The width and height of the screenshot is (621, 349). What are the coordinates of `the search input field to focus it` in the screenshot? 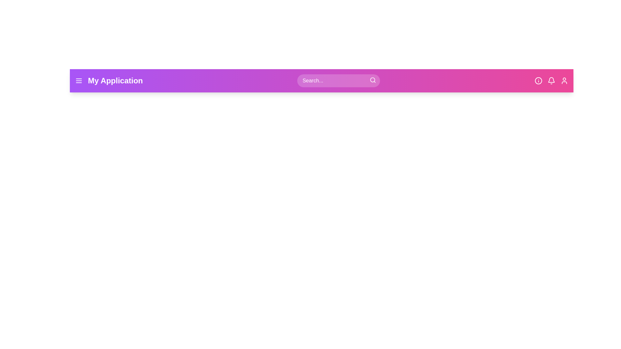 It's located at (338, 80).